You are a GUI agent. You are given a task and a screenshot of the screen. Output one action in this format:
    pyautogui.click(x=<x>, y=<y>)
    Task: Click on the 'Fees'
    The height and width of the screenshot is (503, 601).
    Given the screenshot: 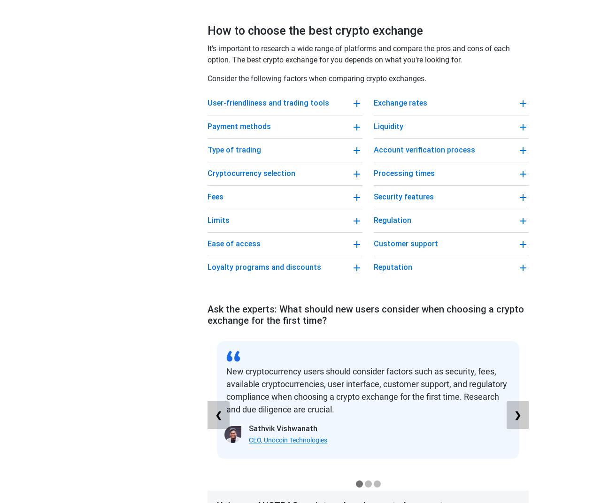 What is the action you would take?
    pyautogui.click(x=215, y=196)
    